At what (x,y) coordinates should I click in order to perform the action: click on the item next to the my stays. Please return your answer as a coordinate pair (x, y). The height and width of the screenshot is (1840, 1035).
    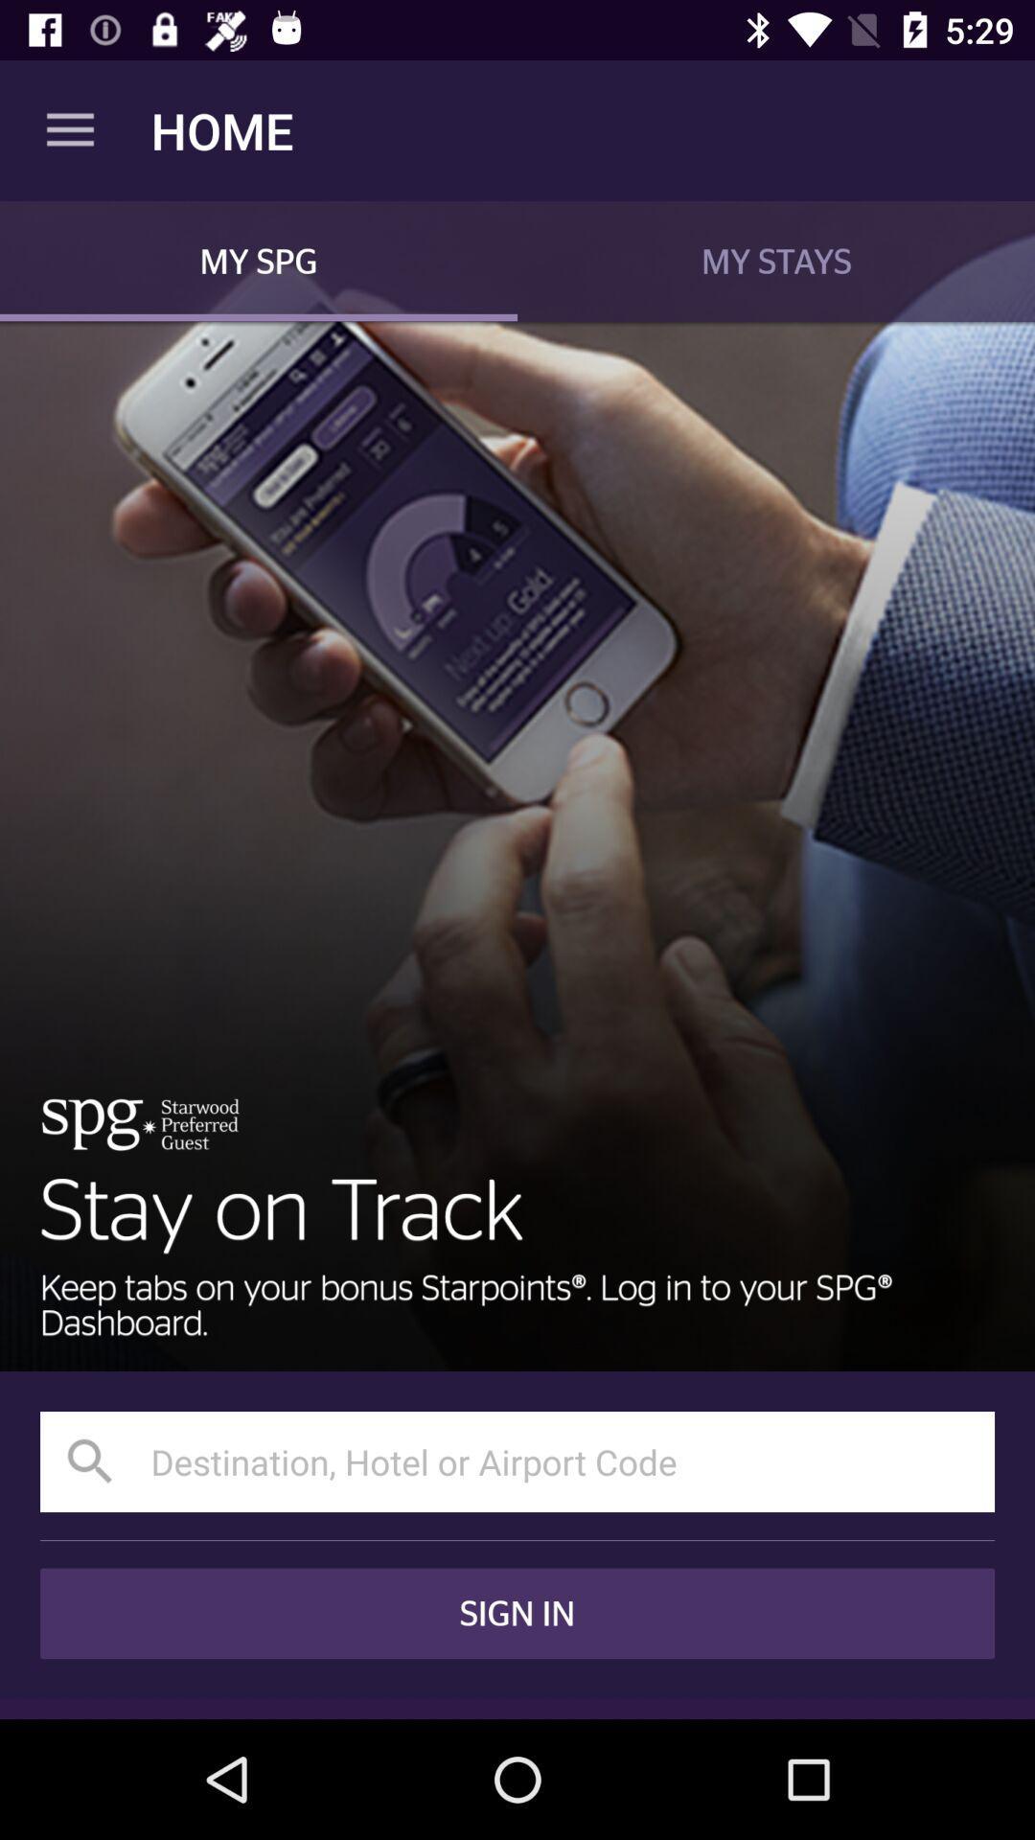
    Looking at the image, I should click on (259, 260).